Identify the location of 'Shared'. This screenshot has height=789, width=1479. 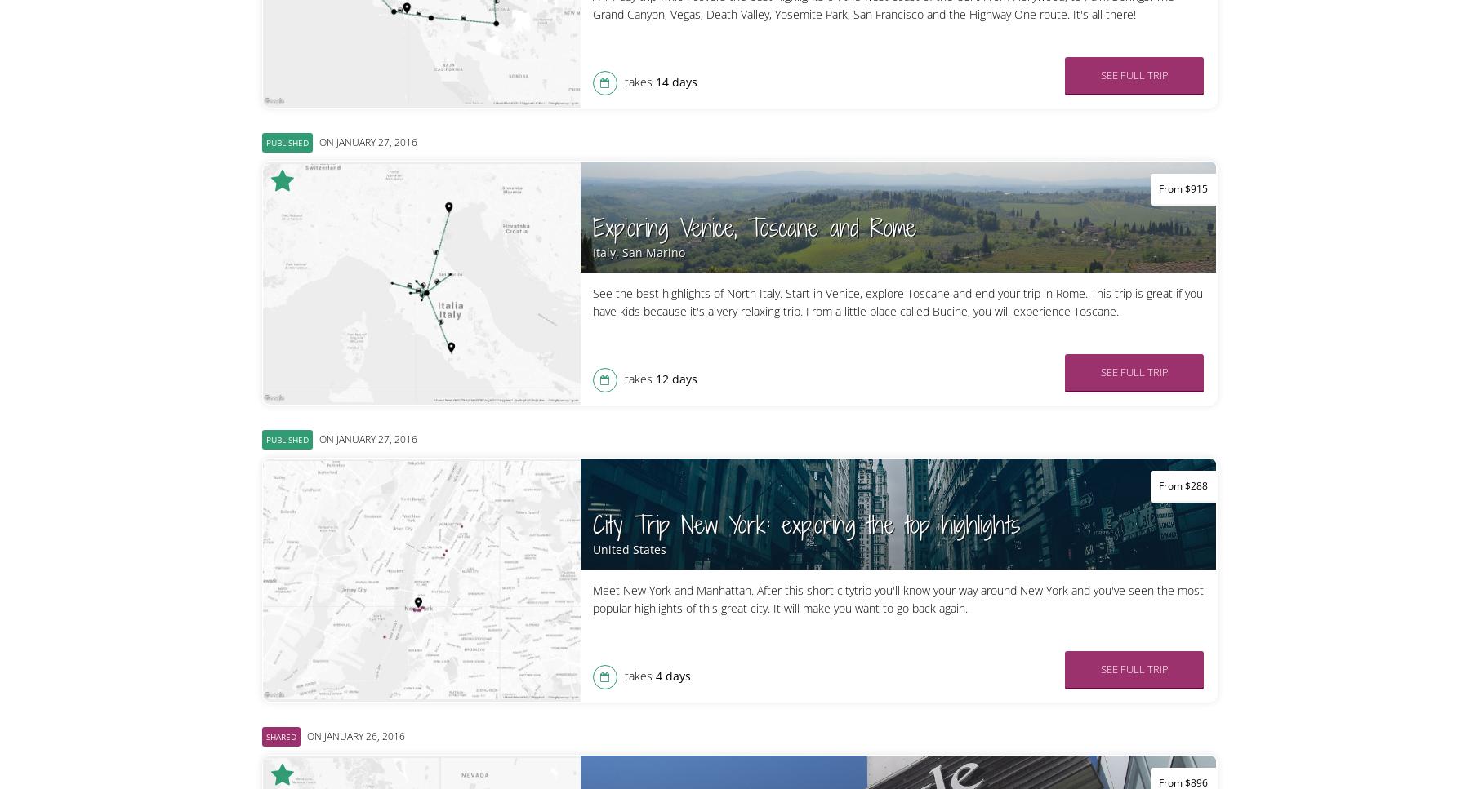
(279, 736).